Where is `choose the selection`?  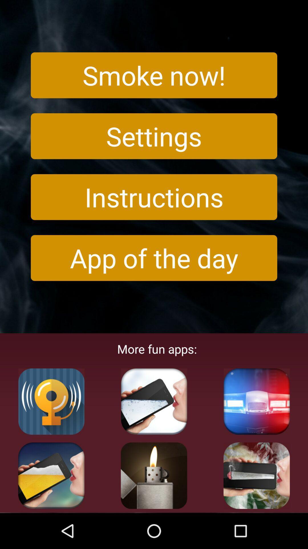
choose the selection is located at coordinates (154, 401).